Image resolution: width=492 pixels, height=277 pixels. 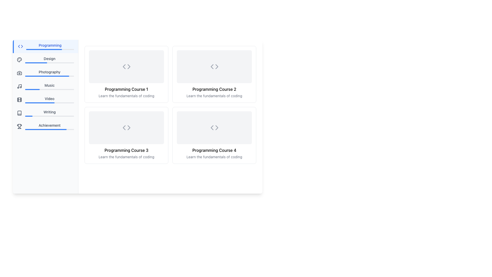 What do you see at coordinates (49, 89) in the screenshot?
I see `the progress bar that visually represents the completion level of the 'Music' category, located in the left navigation panel beneath the 'Music' label` at bounding box center [49, 89].